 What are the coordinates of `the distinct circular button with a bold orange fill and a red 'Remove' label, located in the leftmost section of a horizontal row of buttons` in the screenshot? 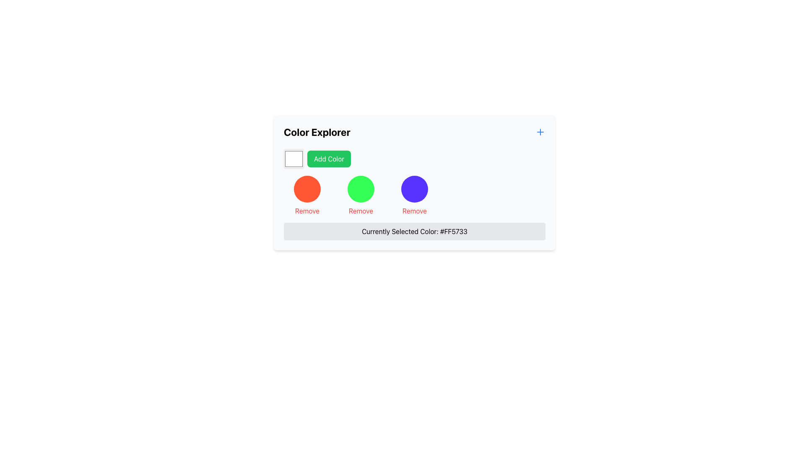 It's located at (307, 195).